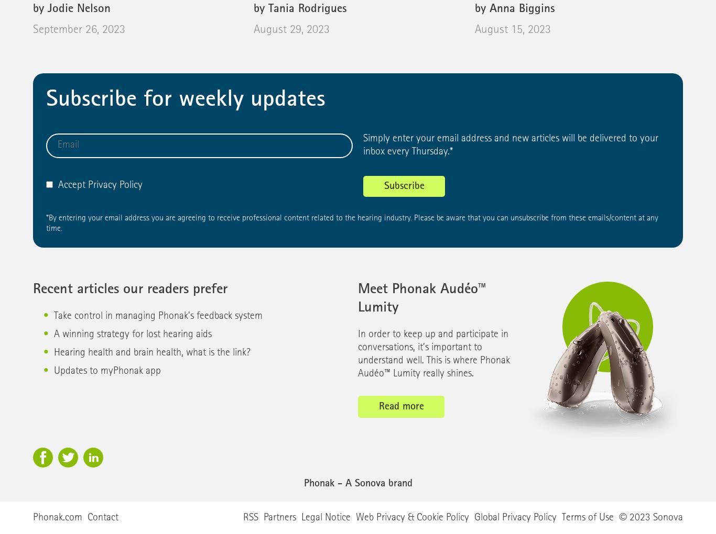  I want to click on 'Phonak - A Sonova brand', so click(357, 484).